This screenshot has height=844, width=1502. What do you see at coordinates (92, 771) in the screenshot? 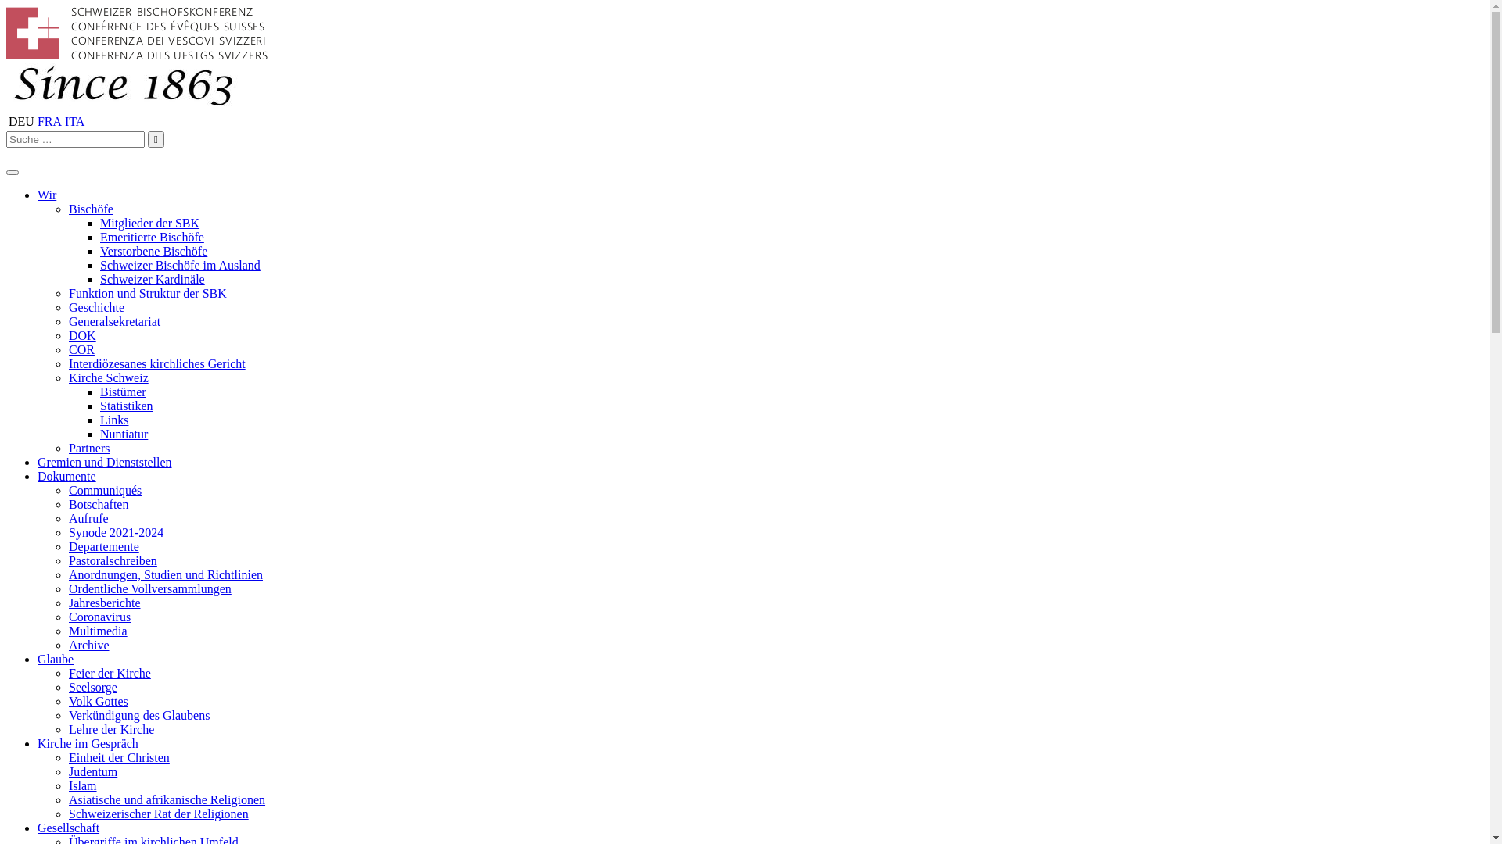
I see `'Judentum'` at bounding box center [92, 771].